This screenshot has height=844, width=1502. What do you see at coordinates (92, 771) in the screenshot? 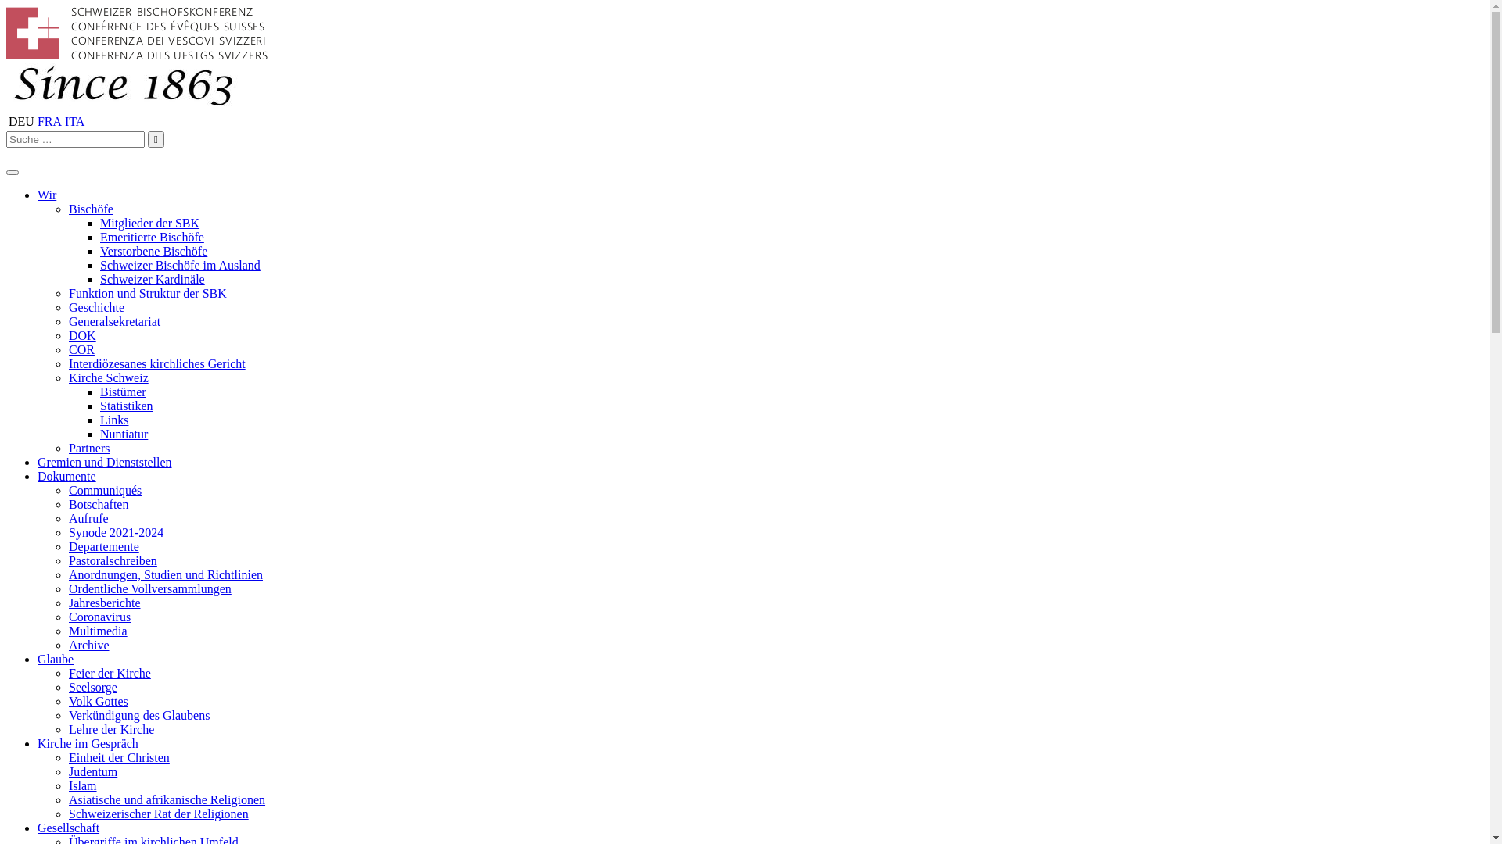
I see `'Judentum'` at bounding box center [92, 771].